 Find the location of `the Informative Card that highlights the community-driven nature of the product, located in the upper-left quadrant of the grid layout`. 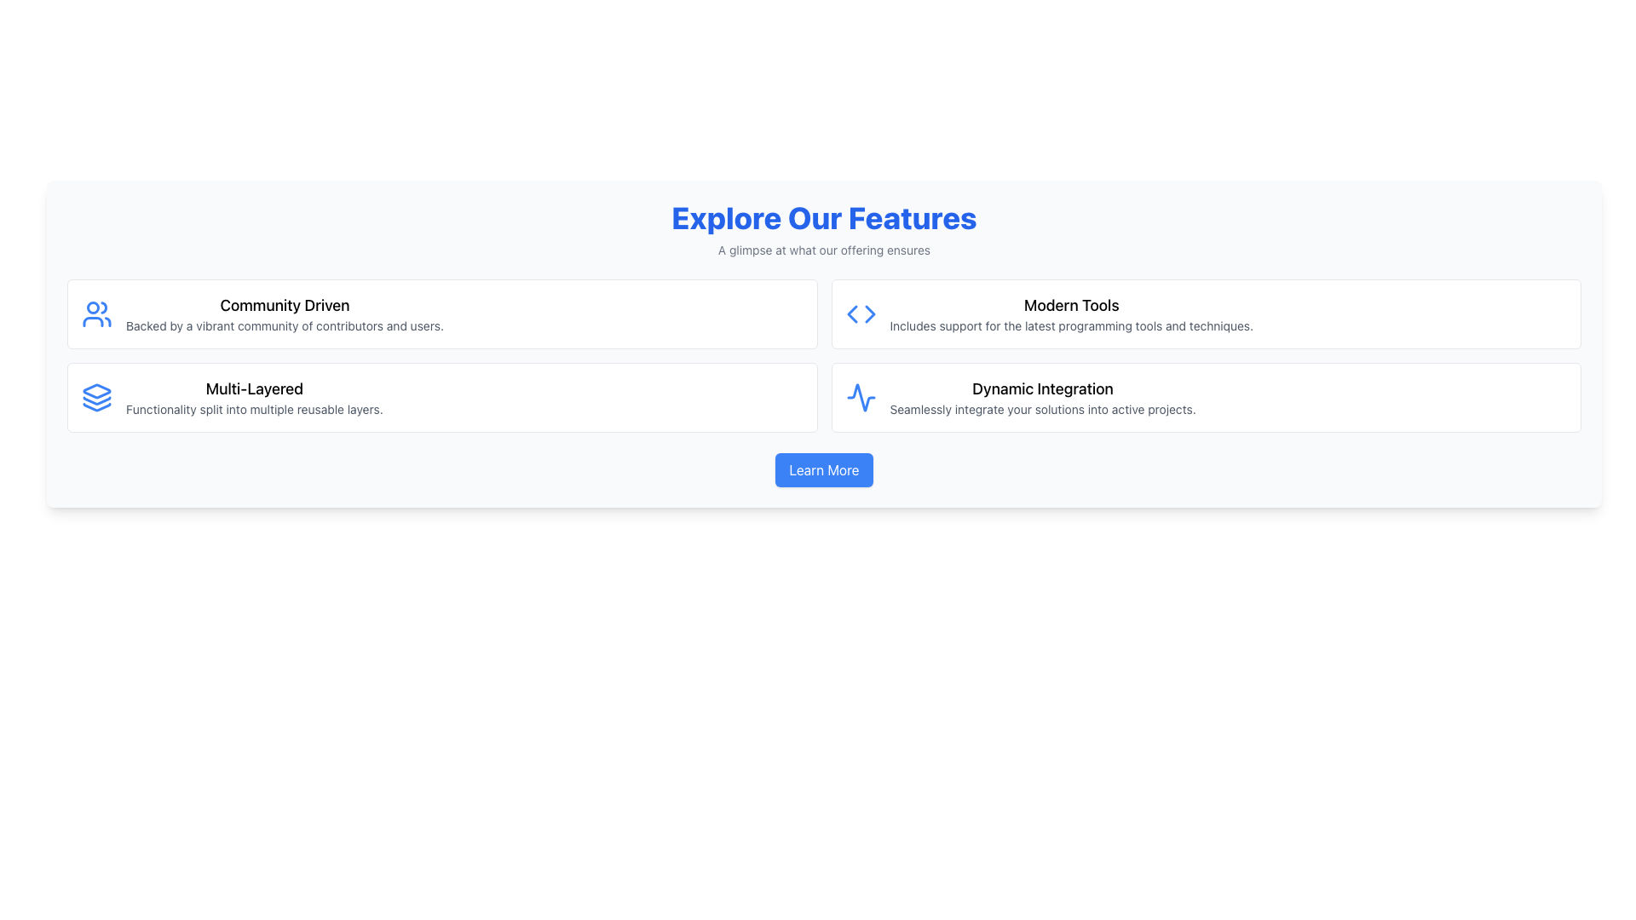

the Informative Card that highlights the community-driven nature of the product, located in the upper-left quadrant of the grid layout is located at coordinates (442, 314).